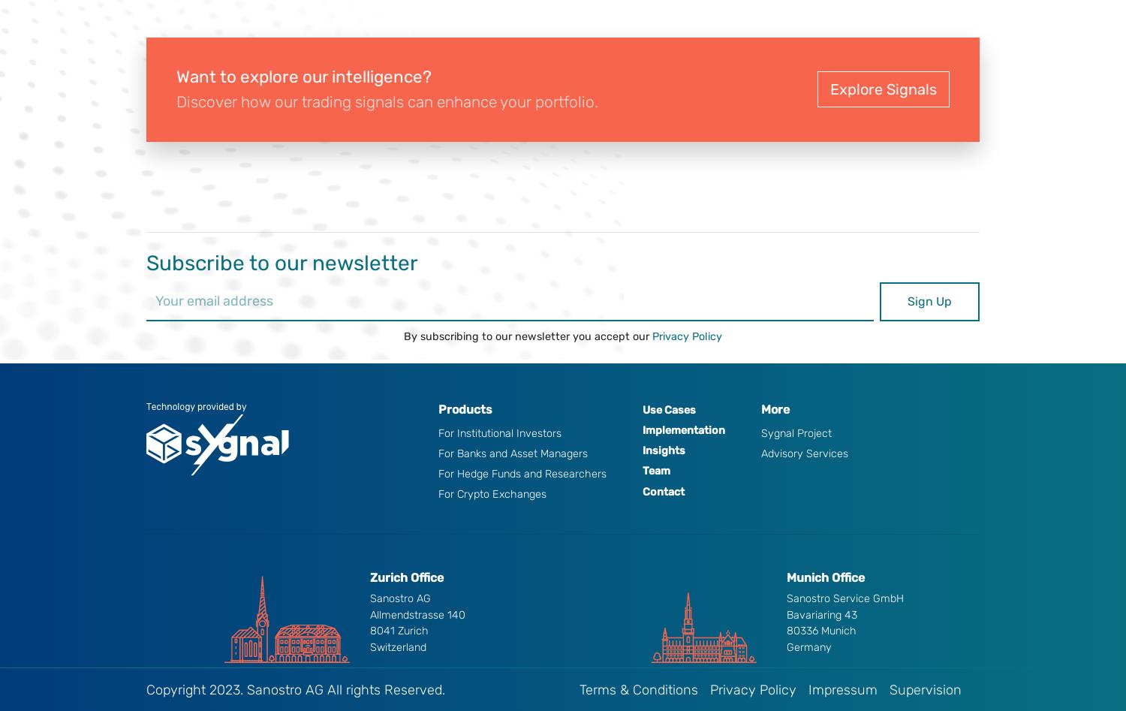 The image size is (1126, 711). What do you see at coordinates (399, 631) in the screenshot?
I see `'8041 Zurich'` at bounding box center [399, 631].